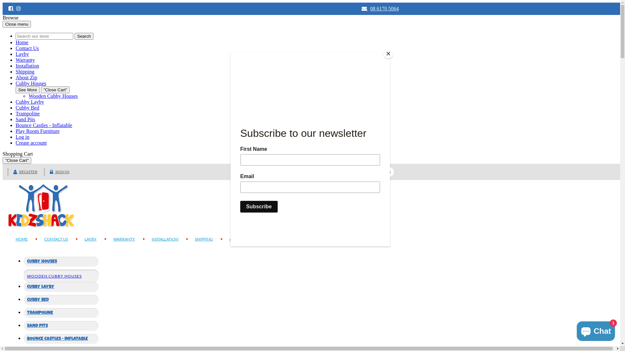 The image size is (625, 351). Describe the element at coordinates (124, 239) in the screenshot. I see `'WARRANTY'` at that location.